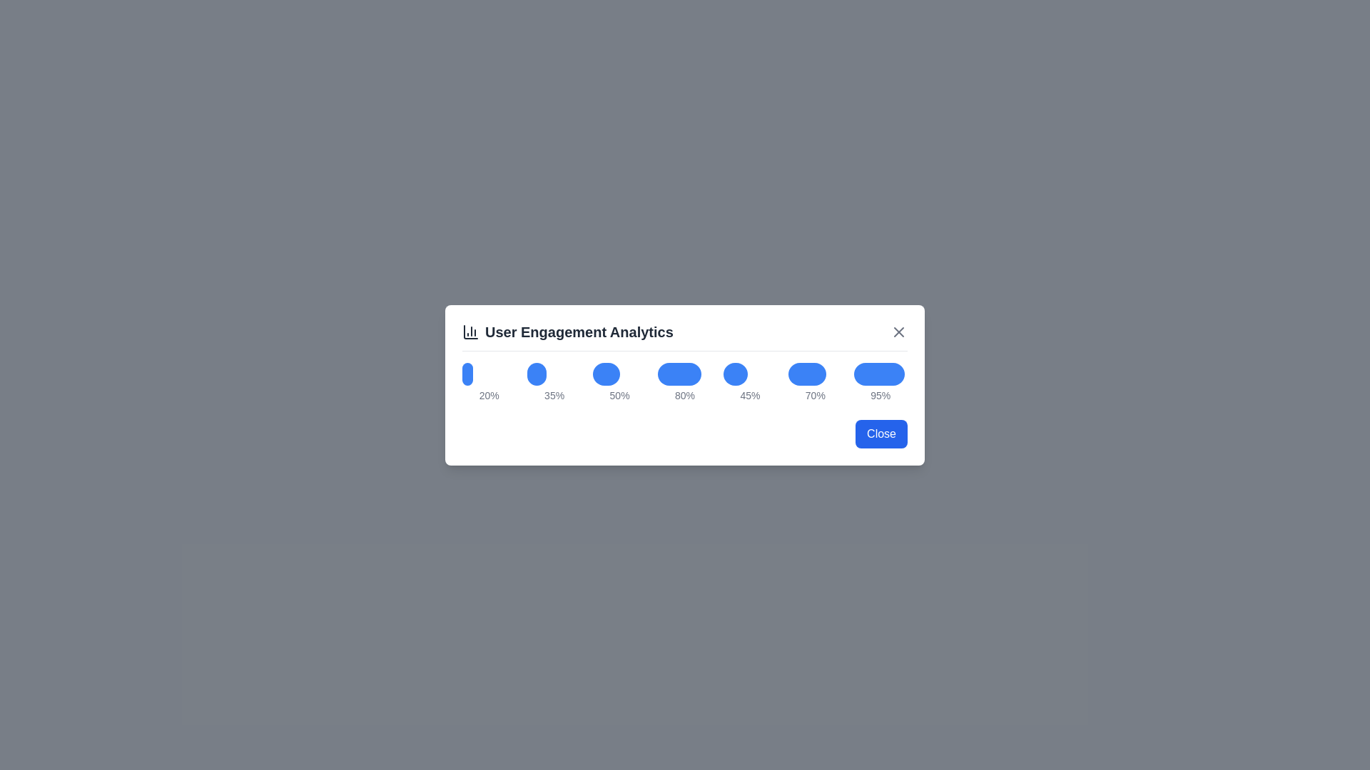  Describe the element at coordinates (735, 373) in the screenshot. I see `the bar graph corresponding to the percentage 45` at that location.